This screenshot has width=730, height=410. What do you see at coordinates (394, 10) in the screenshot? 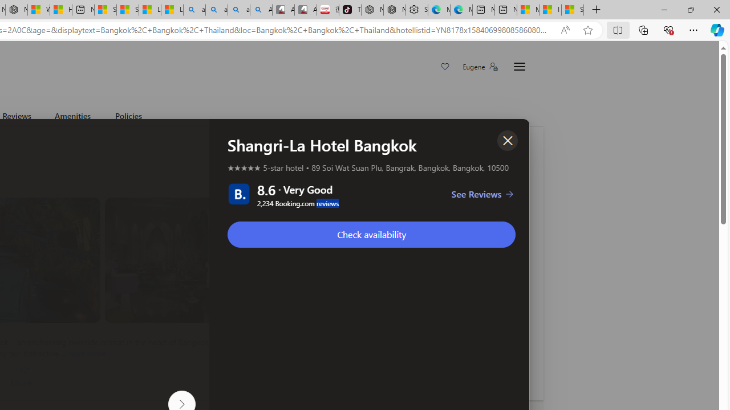
I see `'Nordace Siena Pro 15 Backpack'` at bounding box center [394, 10].